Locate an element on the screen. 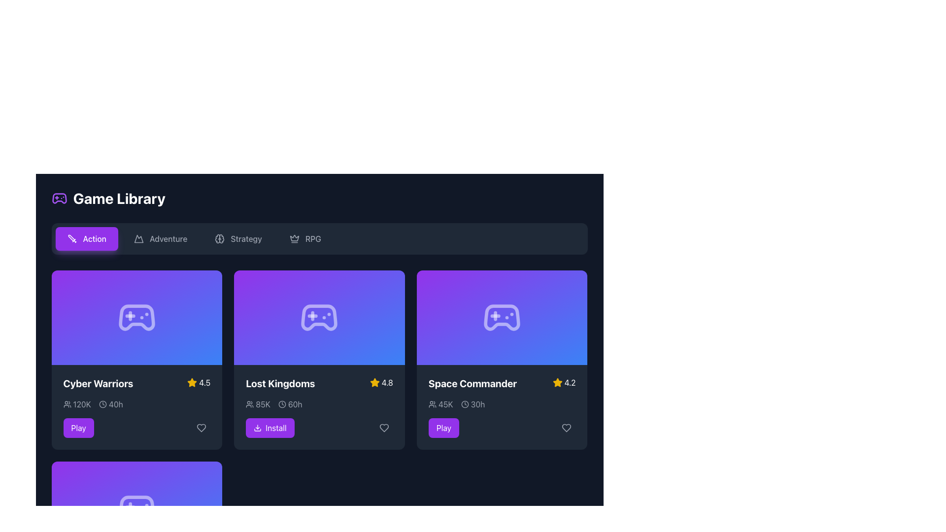  the clock icon located within the 'Space Commander' game card, which signifies the playtime of '30h' is located at coordinates (464, 404).